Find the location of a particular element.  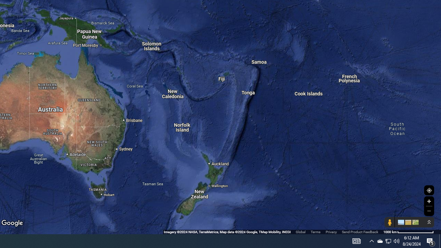

'Zoom in' is located at coordinates (429, 201).